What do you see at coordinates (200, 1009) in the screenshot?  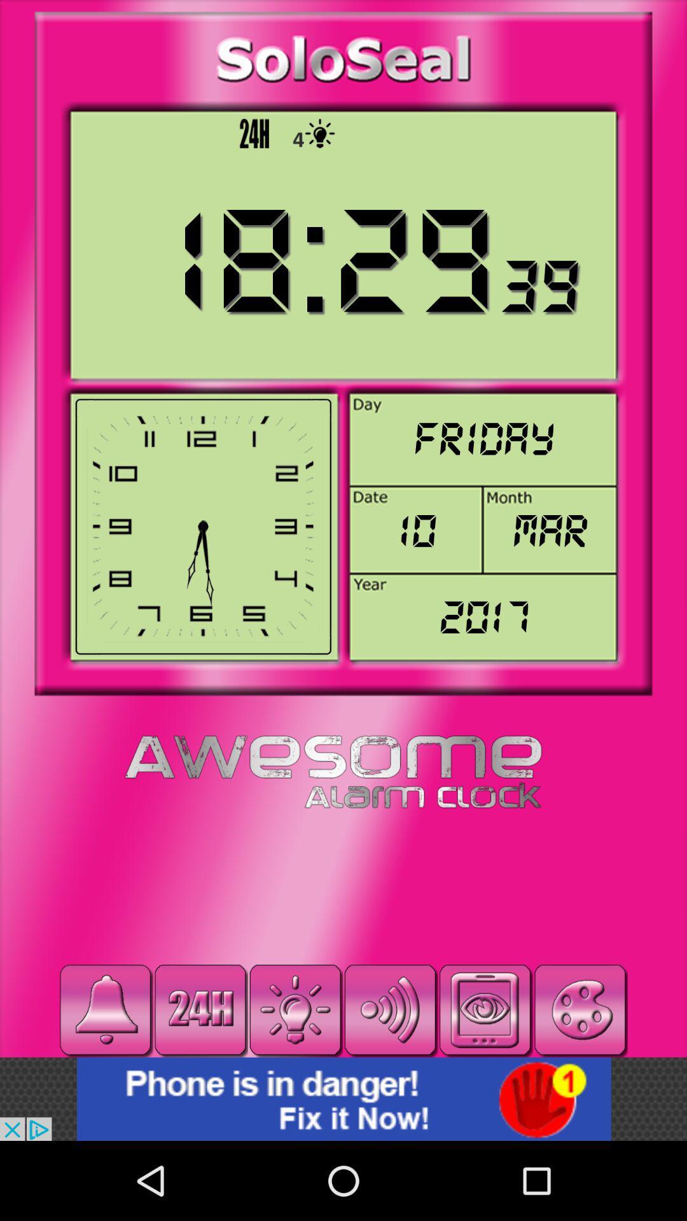 I see `time format` at bounding box center [200, 1009].